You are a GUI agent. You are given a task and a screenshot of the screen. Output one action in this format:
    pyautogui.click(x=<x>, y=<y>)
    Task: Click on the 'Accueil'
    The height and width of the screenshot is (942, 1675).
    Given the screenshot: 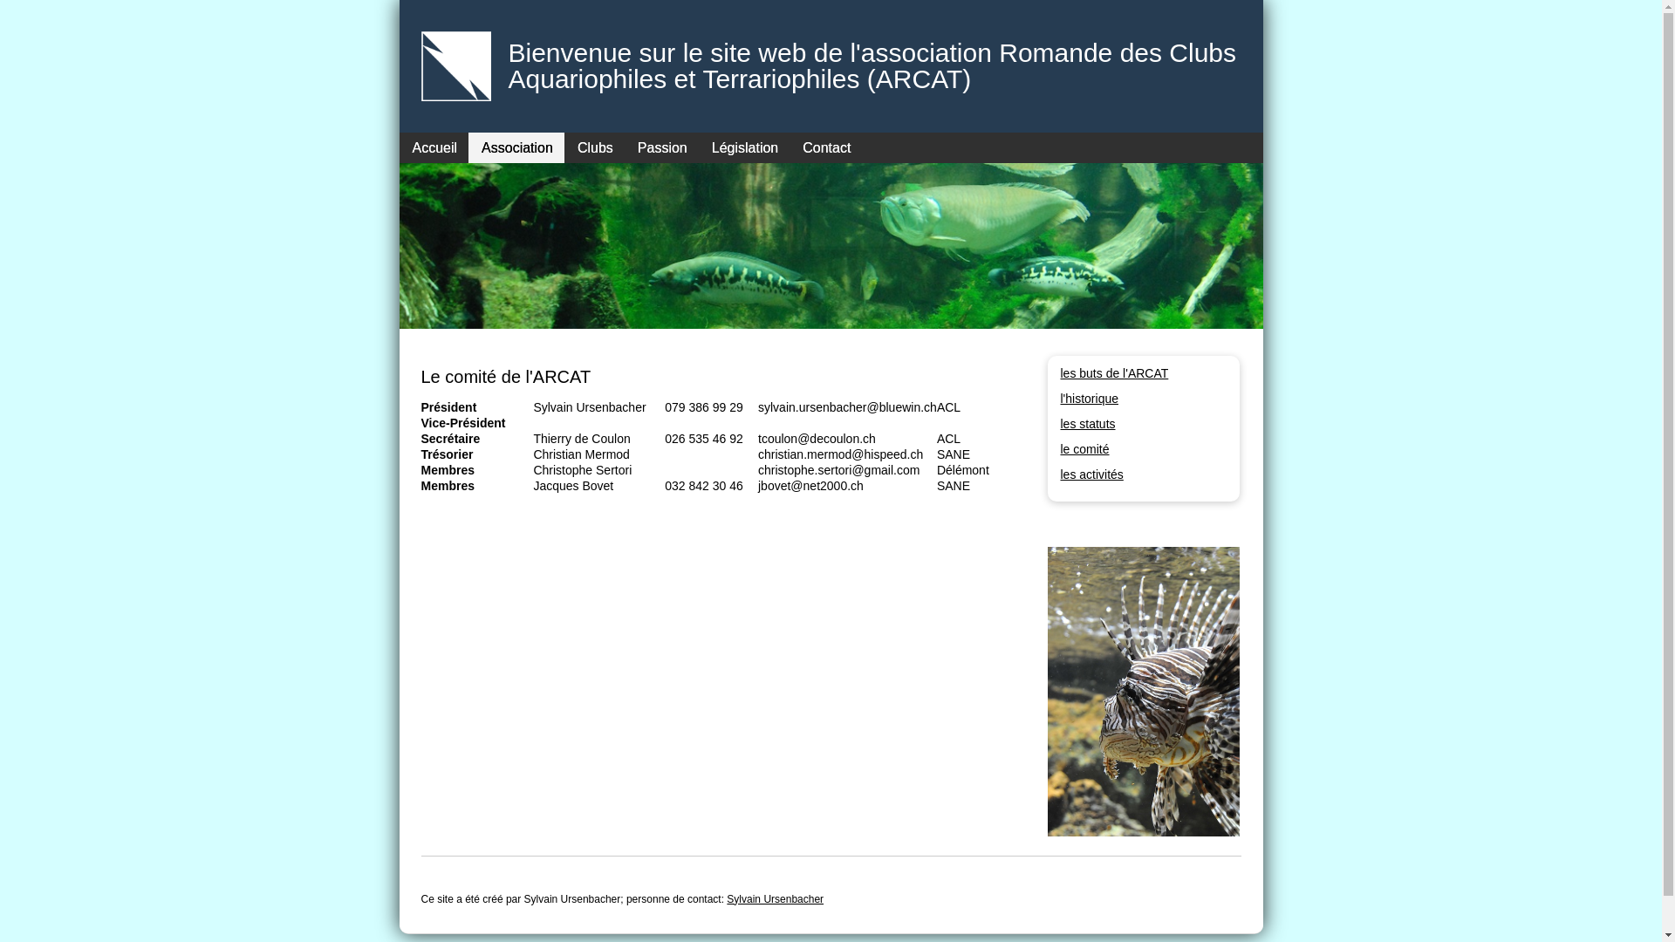 What is the action you would take?
    pyautogui.click(x=434, y=147)
    